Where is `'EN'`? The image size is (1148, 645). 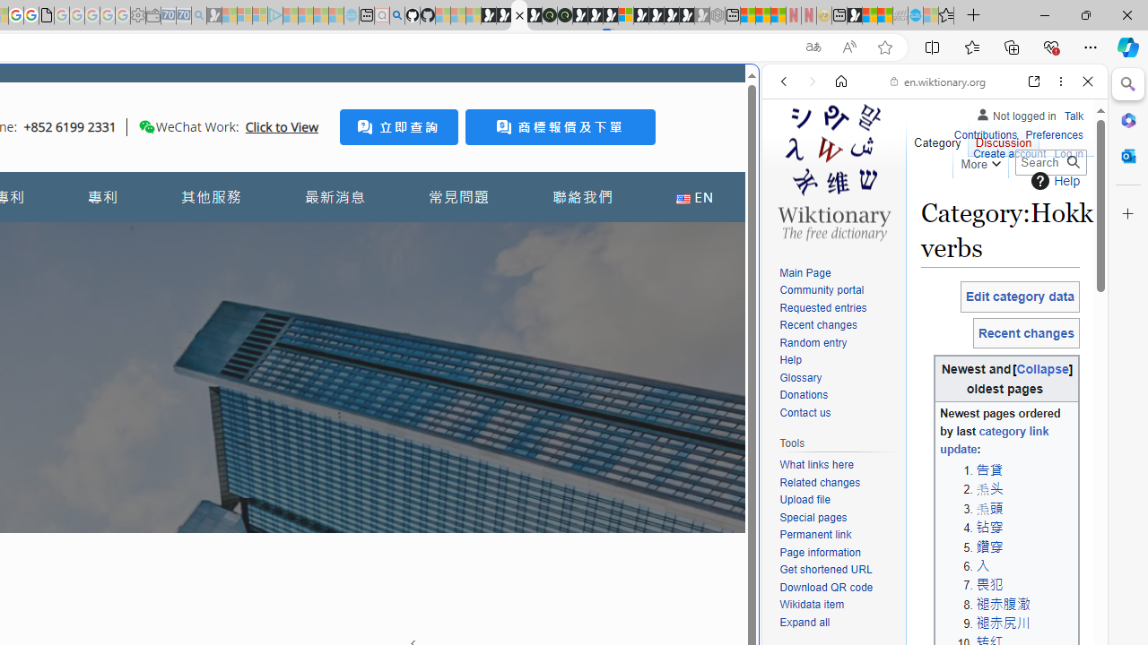
'EN' is located at coordinates (693, 197).